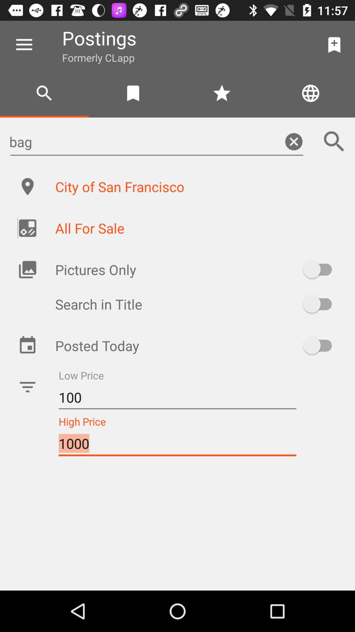 The height and width of the screenshot is (632, 355). What do you see at coordinates (320, 269) in the screenshot?
I see `on/off option` at bounding box center [320, 269].